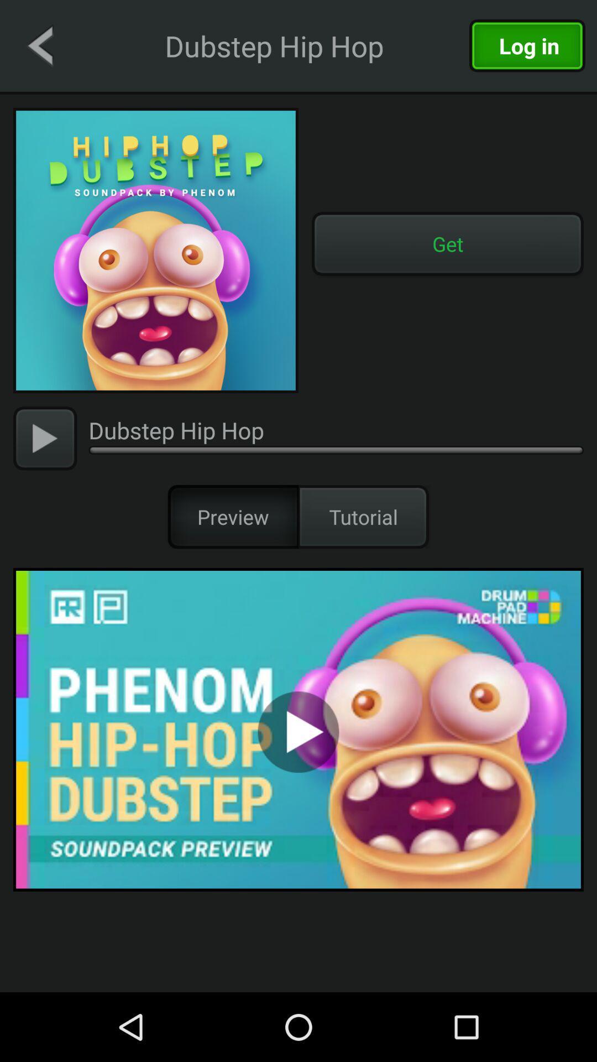 This screenshot has height=1062, width=597. I want to click on next, so click(44, 438).